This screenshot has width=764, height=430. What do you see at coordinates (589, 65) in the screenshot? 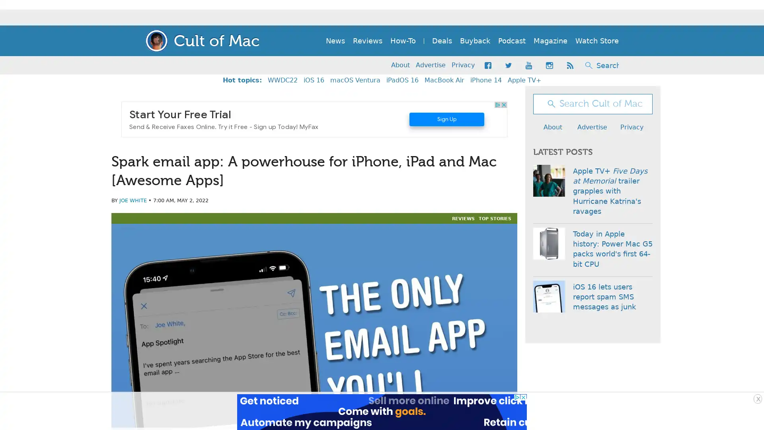
I see `Search Cult of Mac Search Cult of Mac` at bounding box center [589, 65].